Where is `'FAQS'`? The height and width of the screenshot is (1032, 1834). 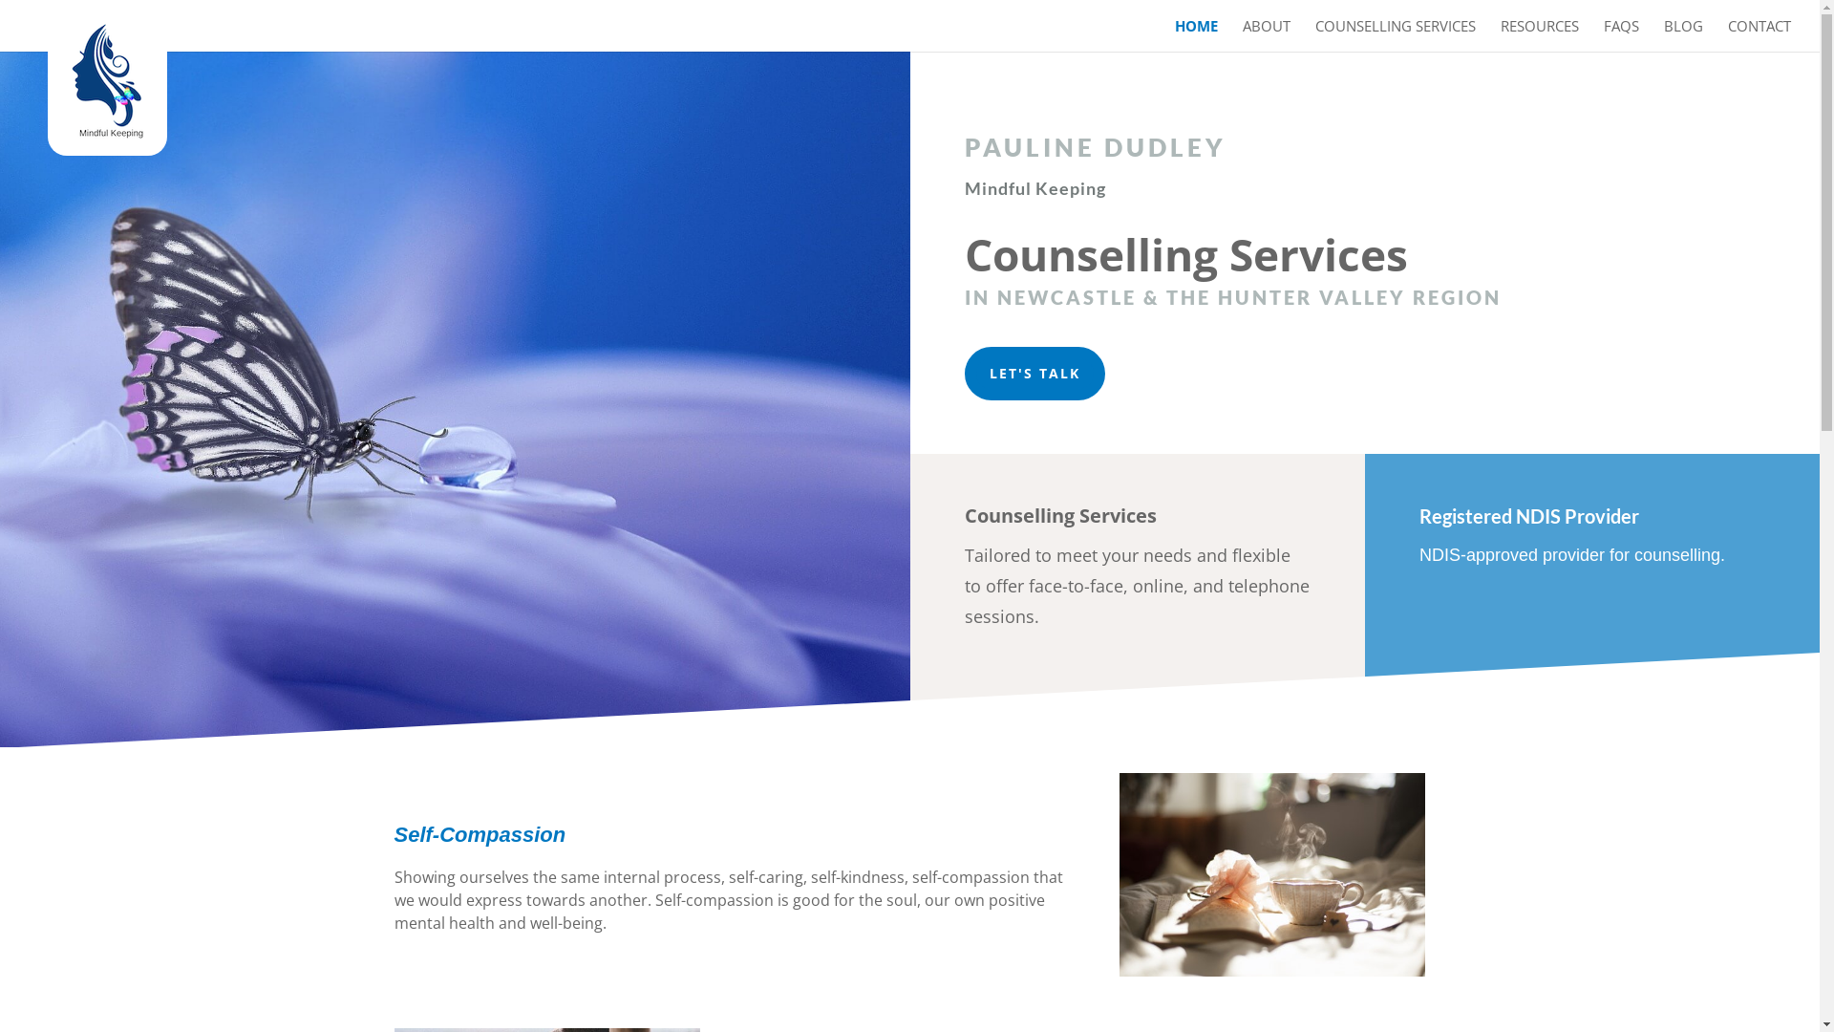 'FAQS' is located at coordinates (1620, 35).